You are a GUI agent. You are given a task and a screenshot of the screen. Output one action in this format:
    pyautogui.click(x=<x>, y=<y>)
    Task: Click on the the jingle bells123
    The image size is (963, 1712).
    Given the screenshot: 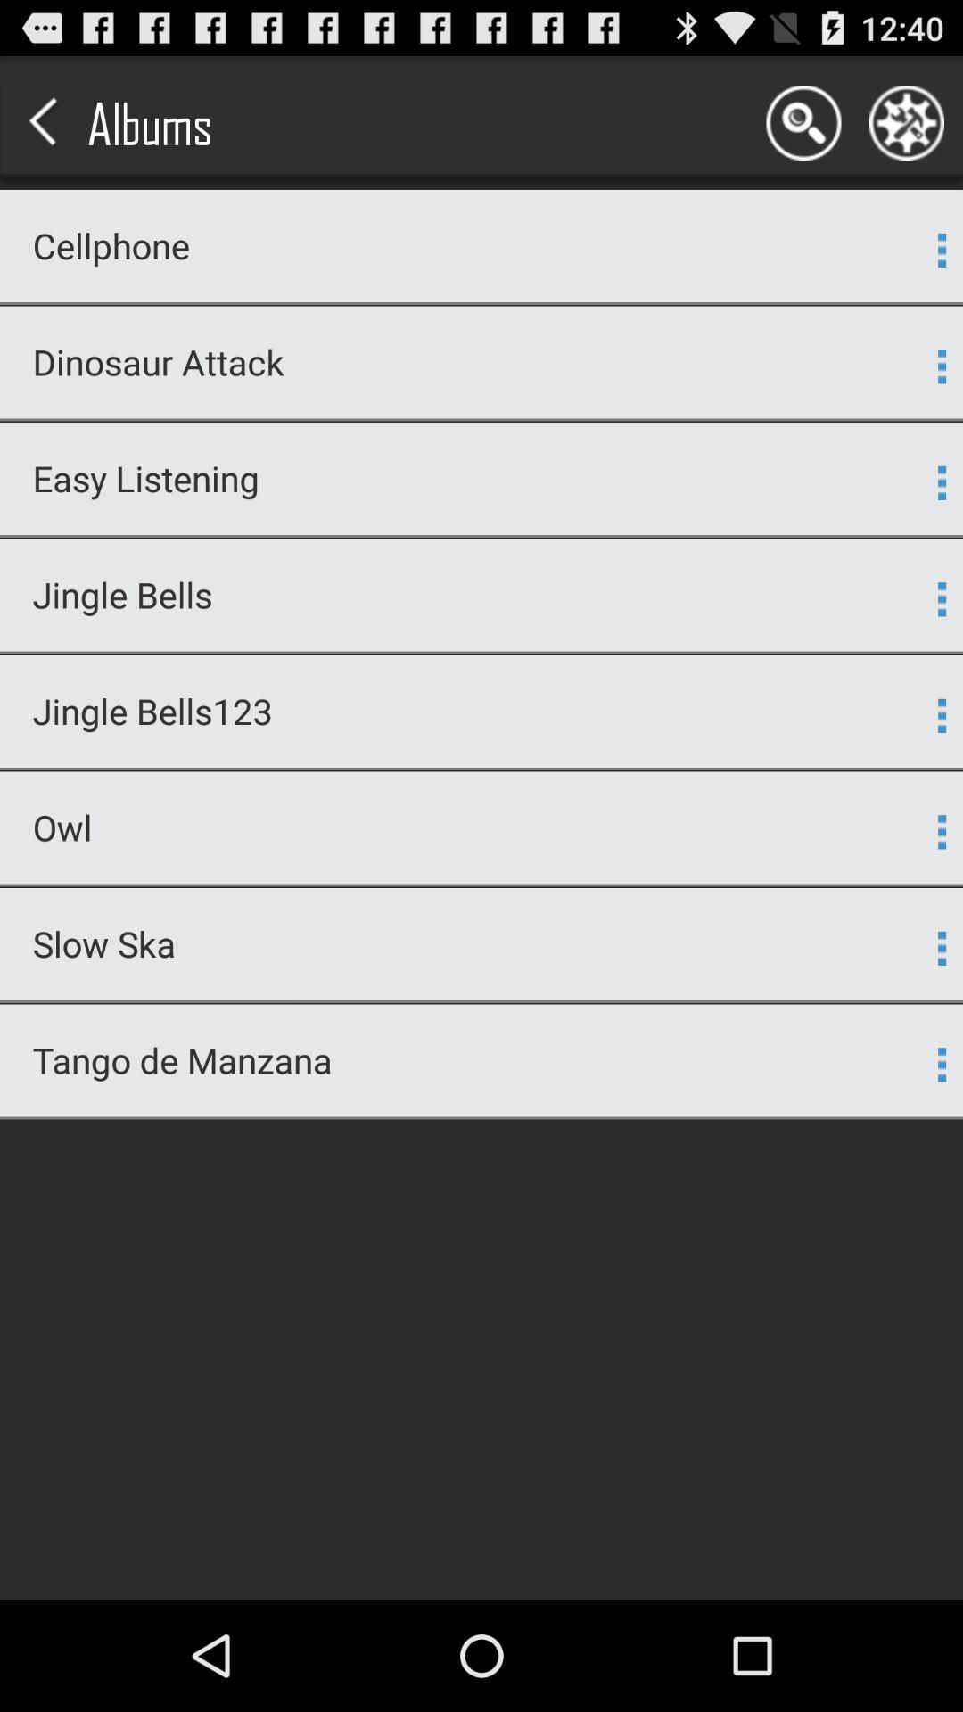 What is the action you would take?
    pyautogui.click(x=470, y=710)
    